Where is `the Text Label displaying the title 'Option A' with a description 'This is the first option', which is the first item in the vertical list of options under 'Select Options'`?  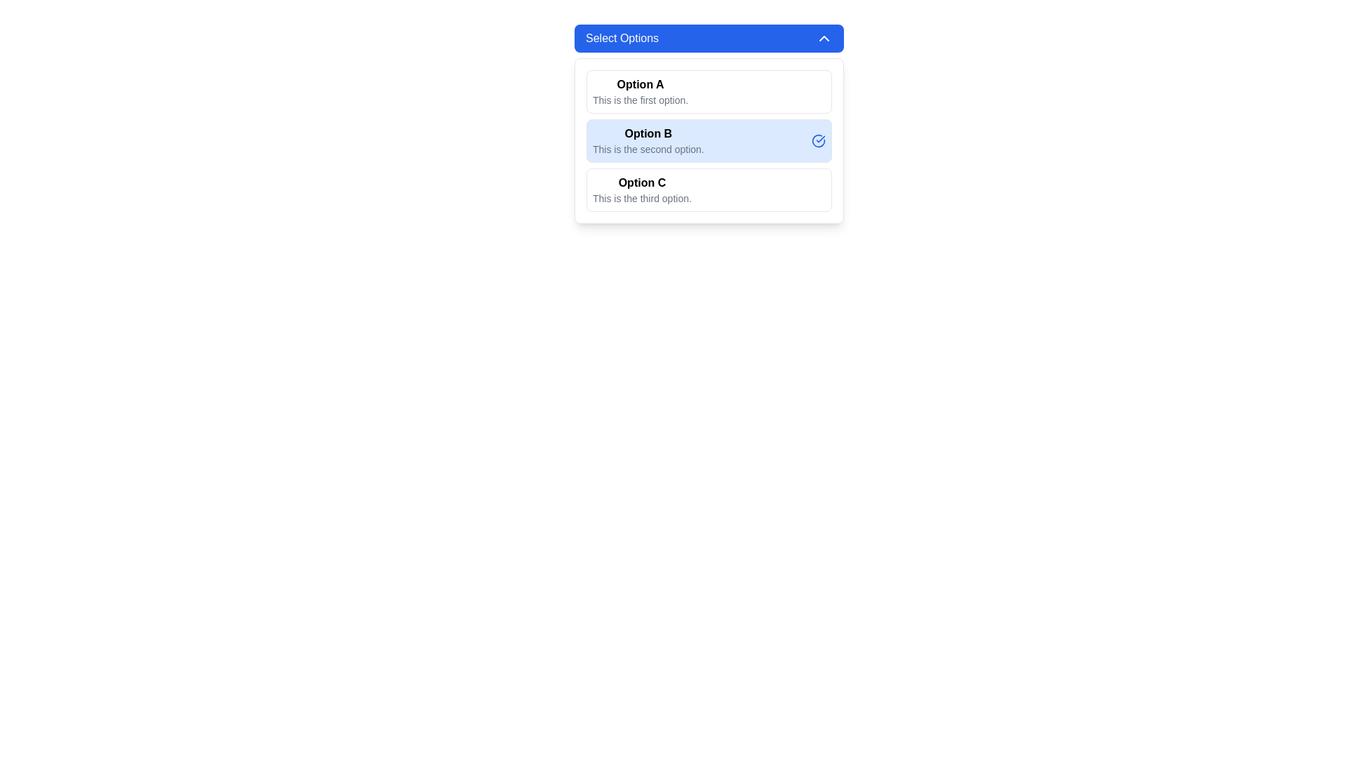 the Text Label displaying the title 'Option A' with a description 'This is the first option', which is the first item in the vertical list of options under 'Select Options' is located at coordinates (640, 92).